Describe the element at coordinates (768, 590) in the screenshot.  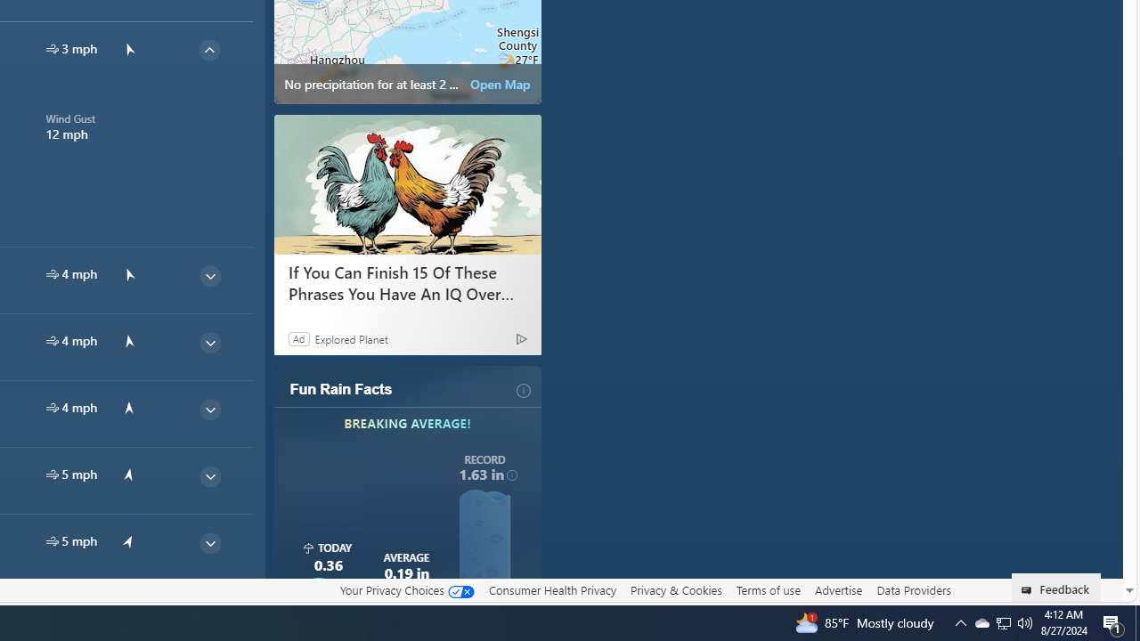
I see `'Terms of use'` at that location.